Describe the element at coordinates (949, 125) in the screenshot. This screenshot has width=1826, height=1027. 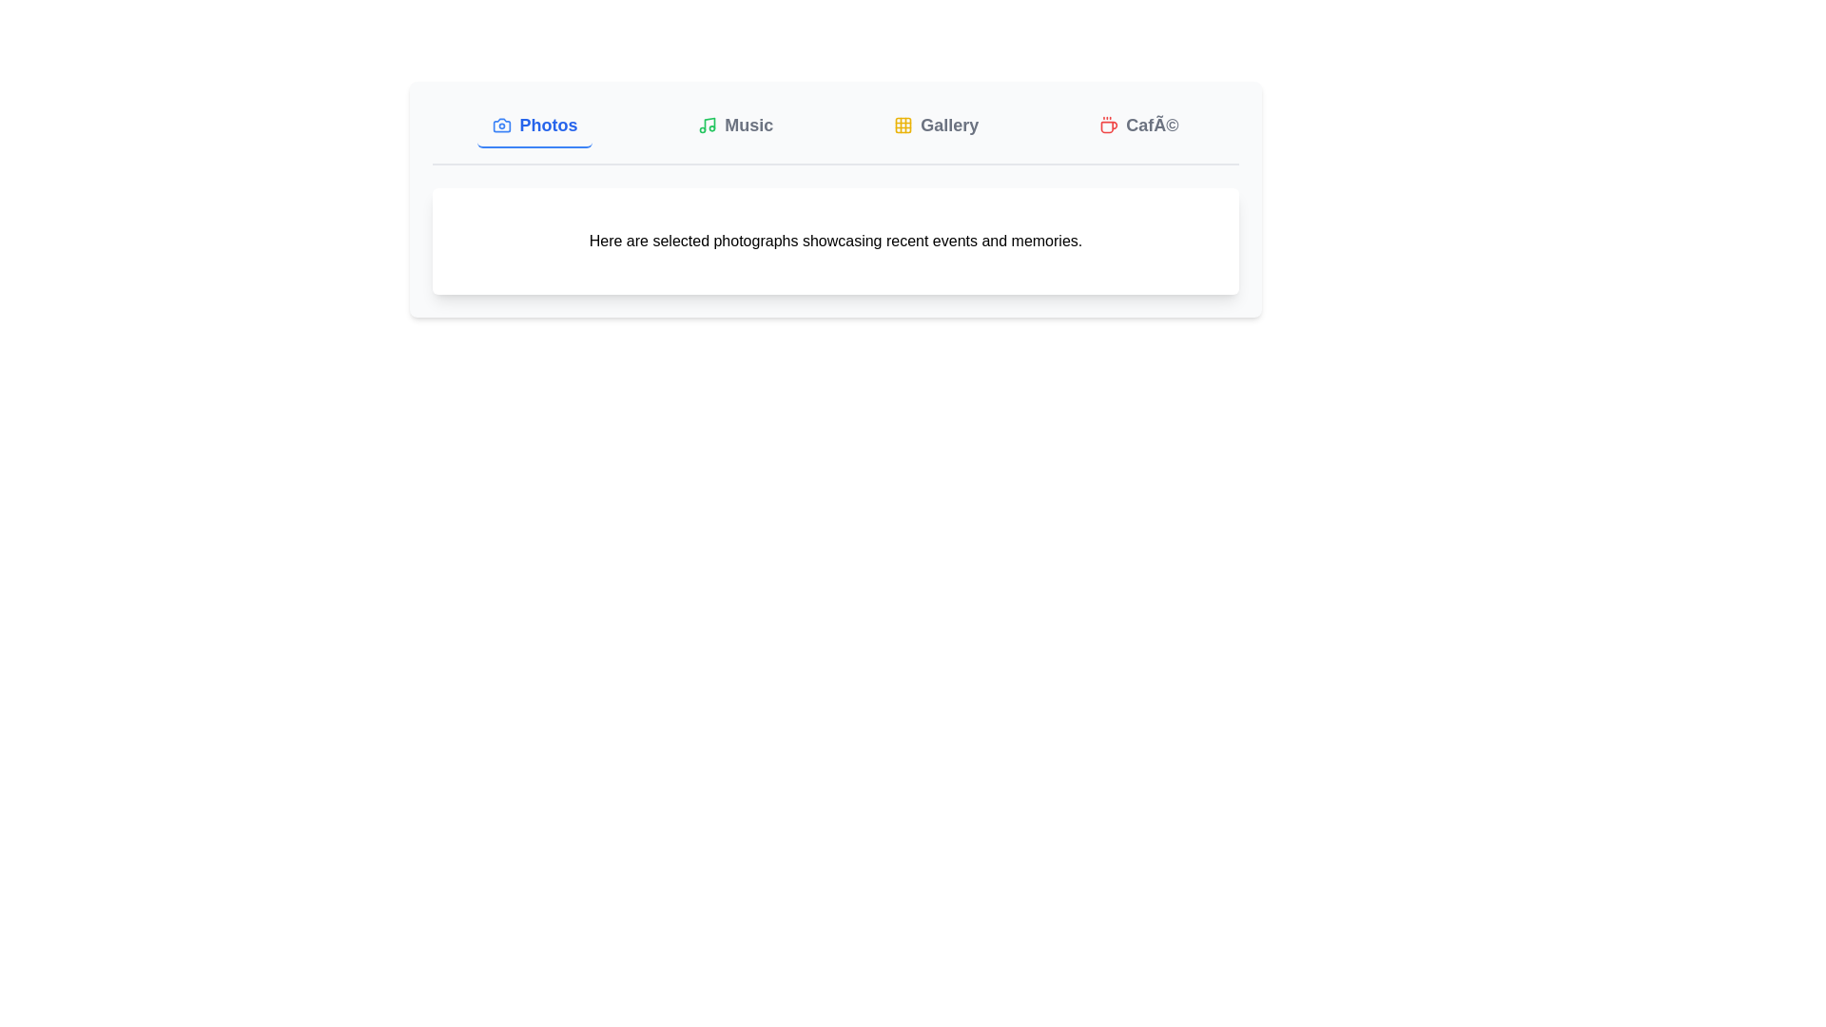
I see `'Gallery' text label located in the horizontal navigation bar, which is the third item from the left, following 'Photos' and 'Music.'` at that location.